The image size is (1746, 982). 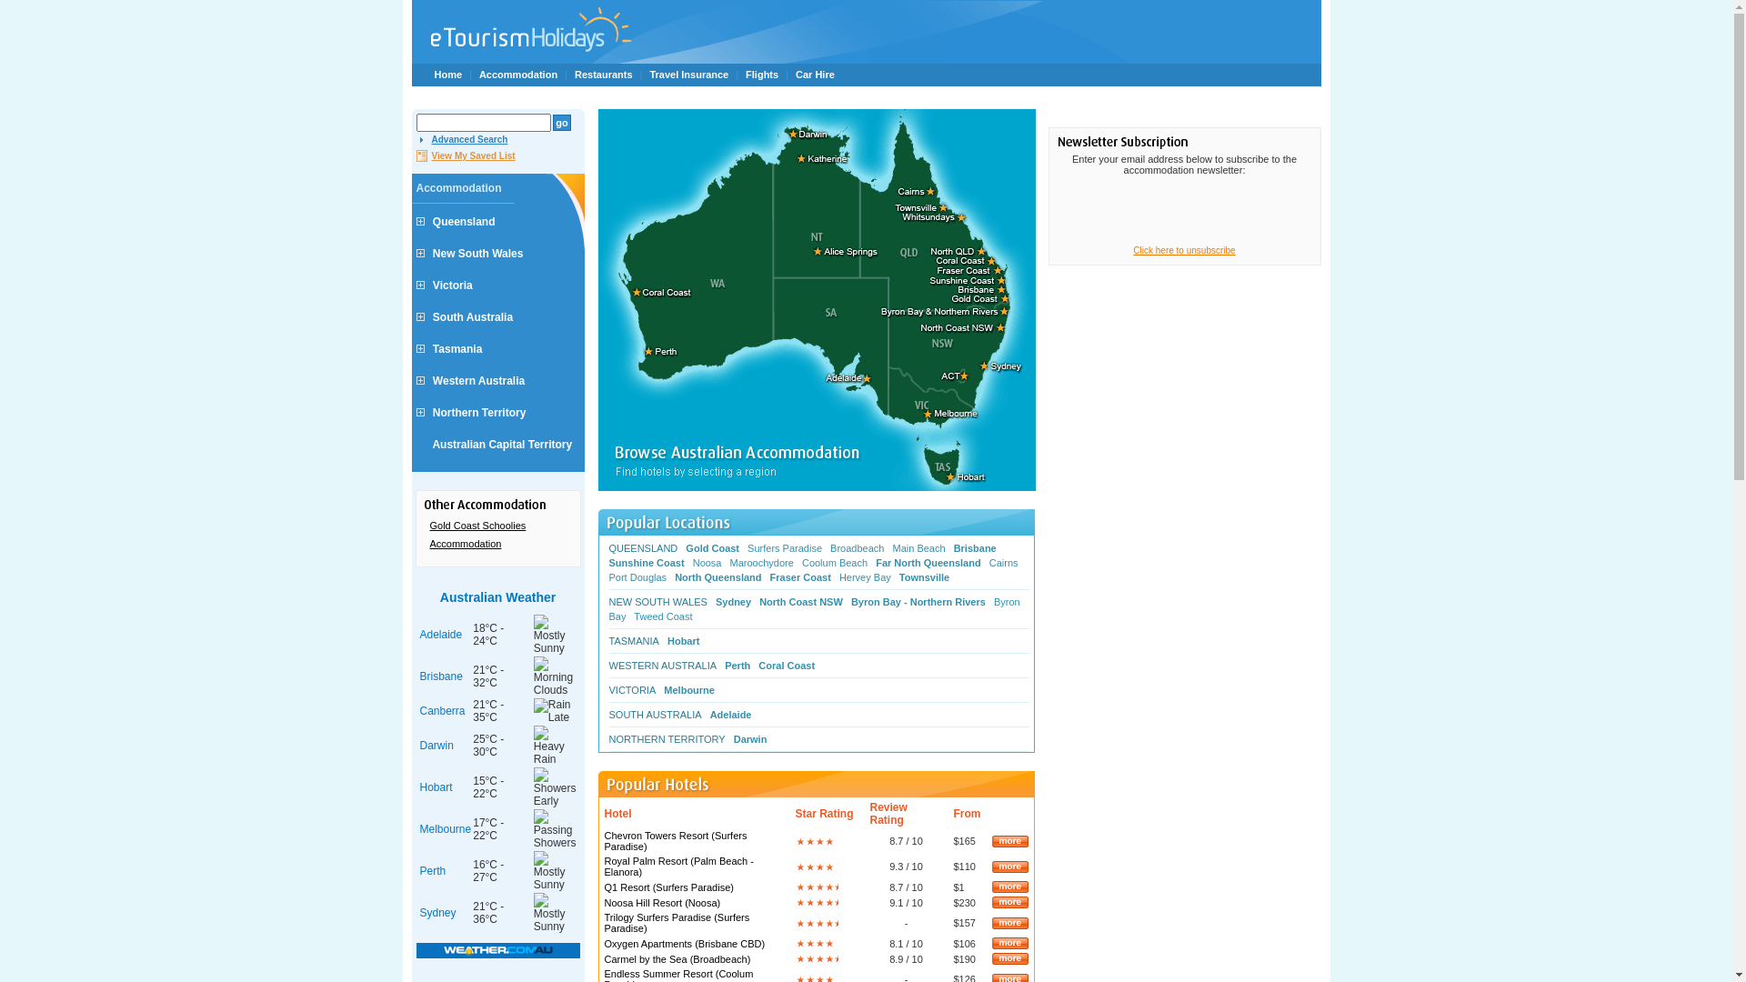 What do you see at coordinates (762, 74) in the screenshot?
I see `'Flights'` at bounding box center [762, 74].